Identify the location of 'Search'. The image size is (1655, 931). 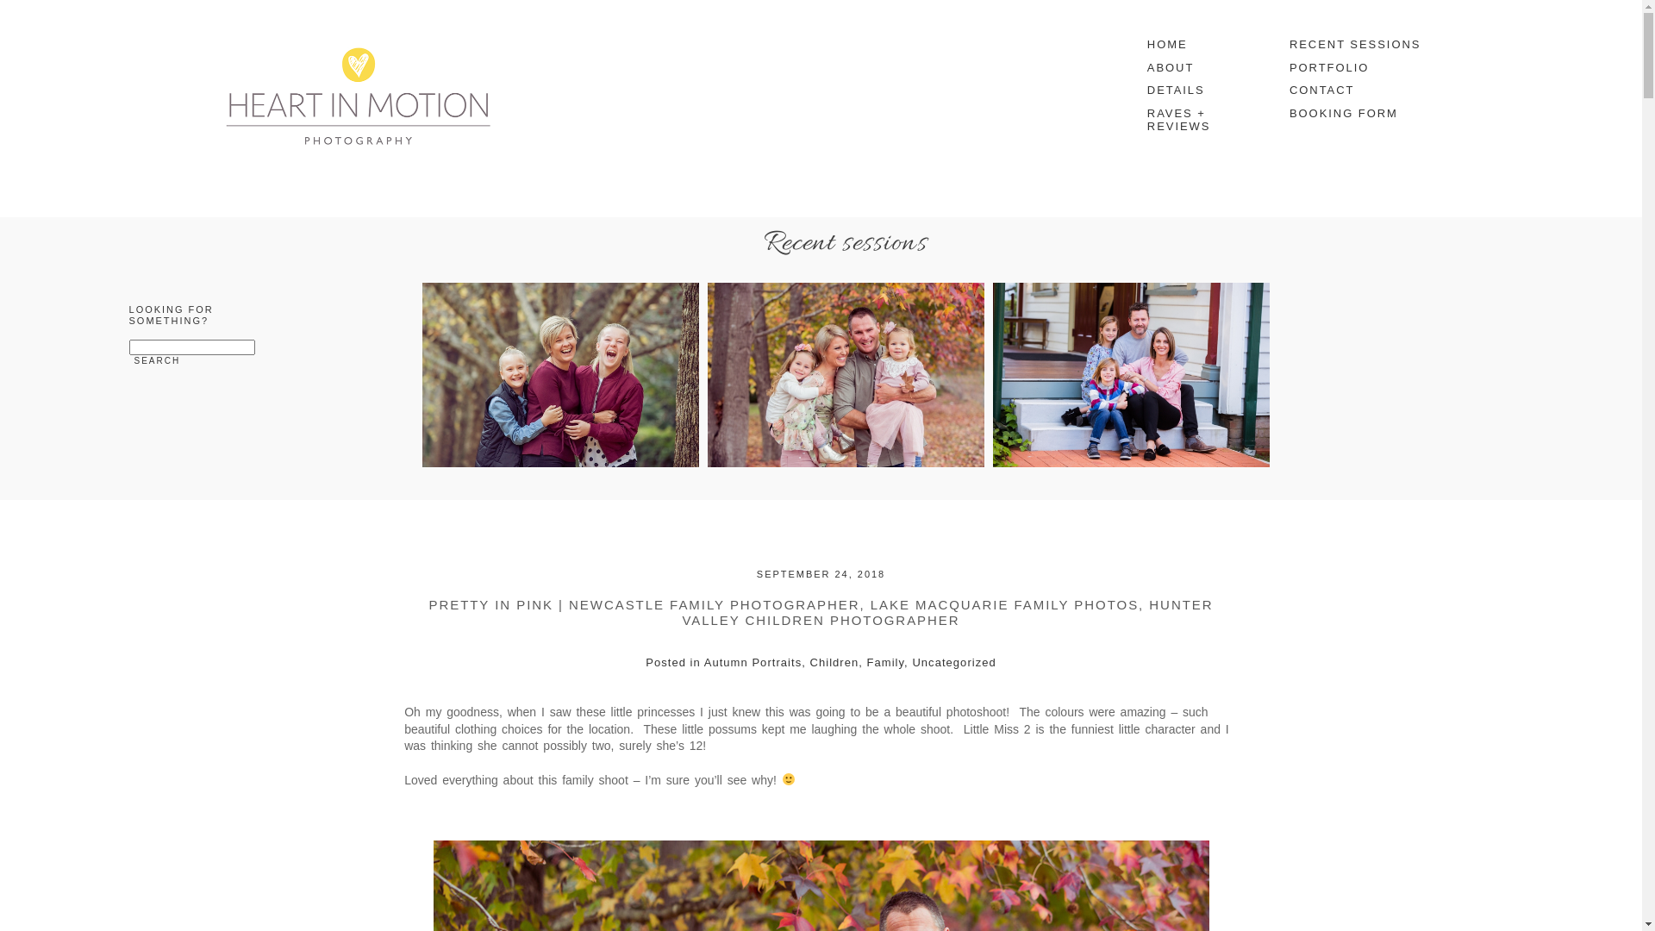
(157, 359).